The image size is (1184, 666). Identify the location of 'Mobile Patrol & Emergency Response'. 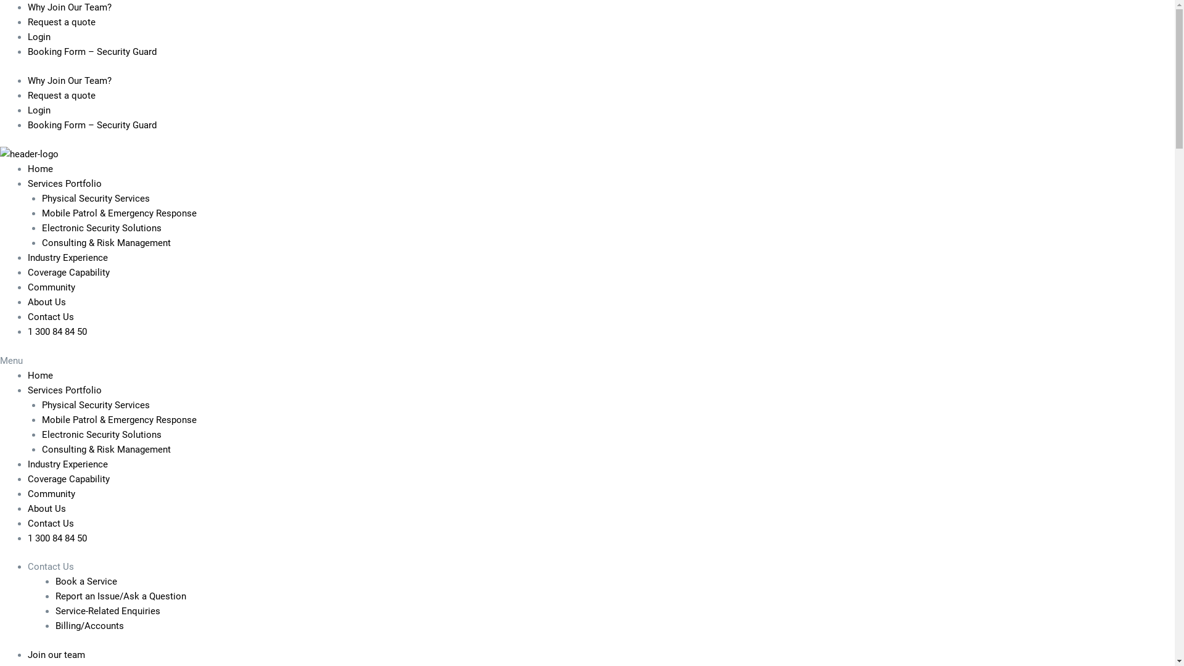
(119, 419).